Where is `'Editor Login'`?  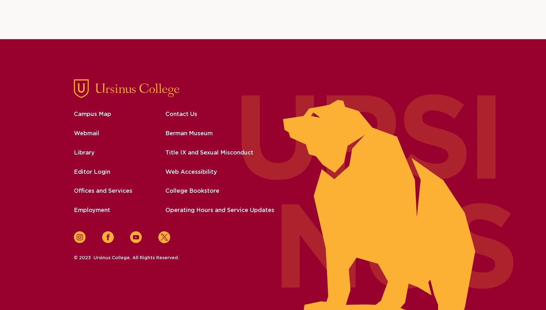 'Editor Login' is located at coordinates (92, 171).